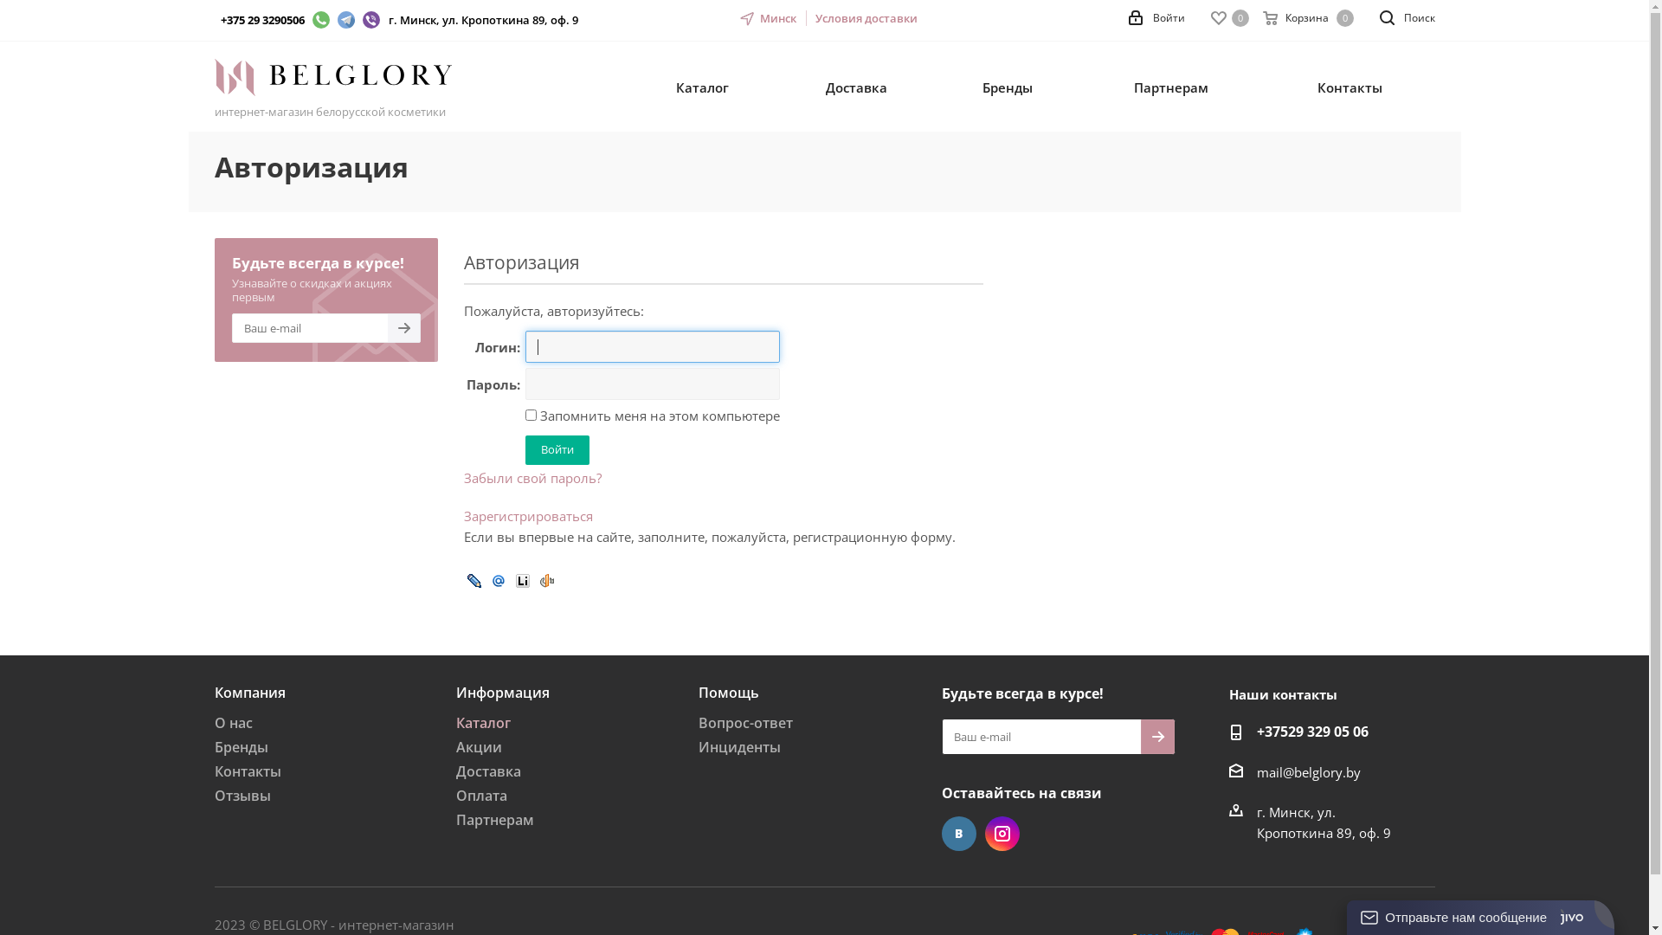  What do you see at coordinates (1002, 833) in the screenshot?
I see `'Instagram'` at bounding box center [1002, 833].